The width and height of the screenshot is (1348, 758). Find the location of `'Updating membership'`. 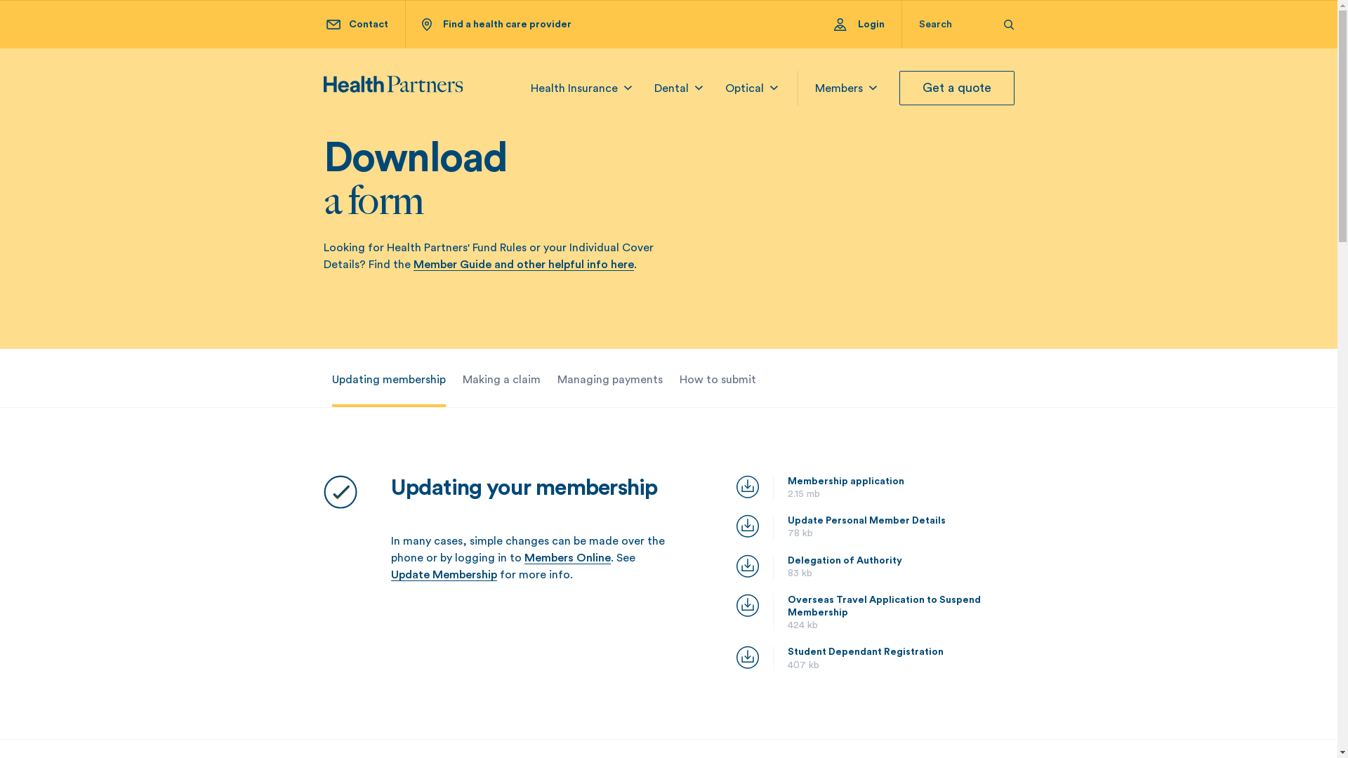

'Updating membership' is located at coordinates (388, 379).